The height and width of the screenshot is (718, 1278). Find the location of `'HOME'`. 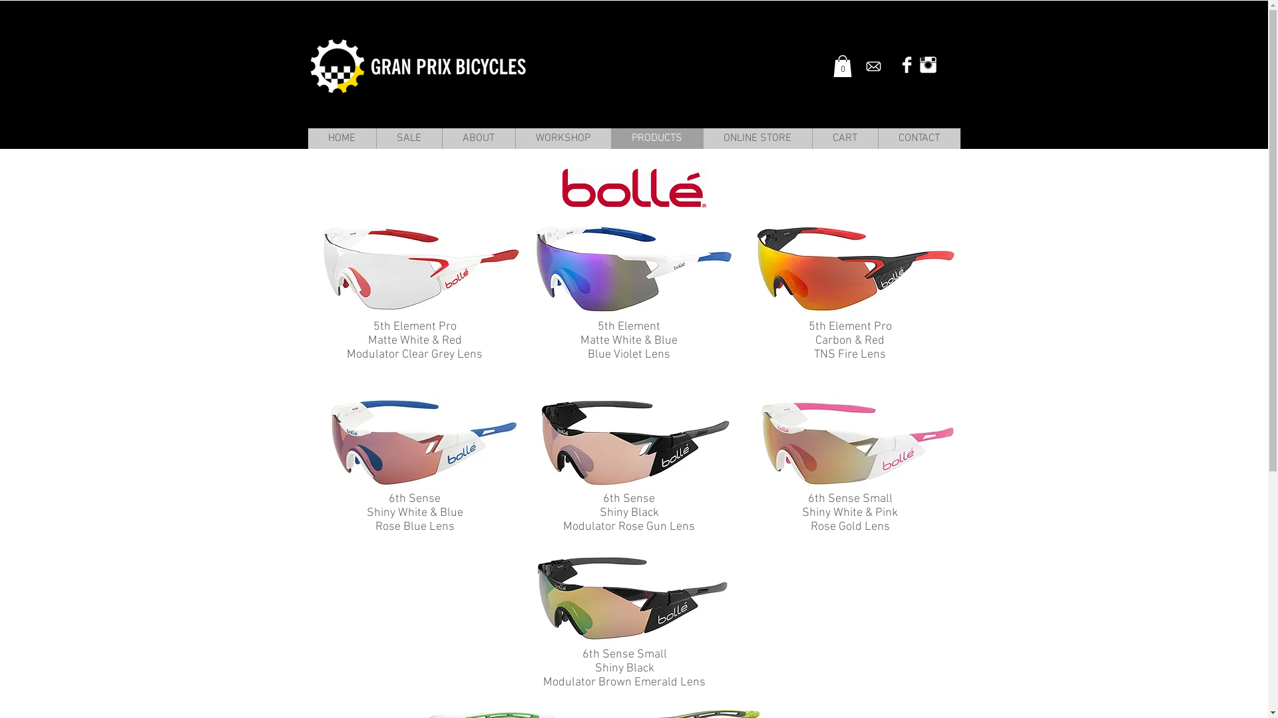

'HOME' is located at coordinates (341, 138).